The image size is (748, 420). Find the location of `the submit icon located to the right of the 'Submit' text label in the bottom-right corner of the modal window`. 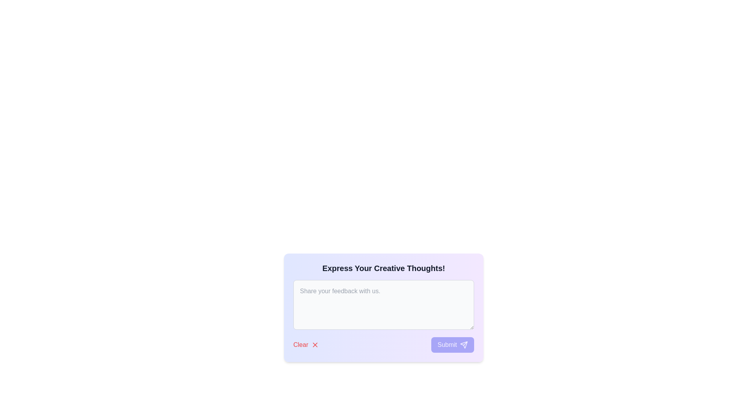

the submit icon located to the right of the 'Submit' text label in the bottom-right corner of the modal window is located at coordinates (464, 345).